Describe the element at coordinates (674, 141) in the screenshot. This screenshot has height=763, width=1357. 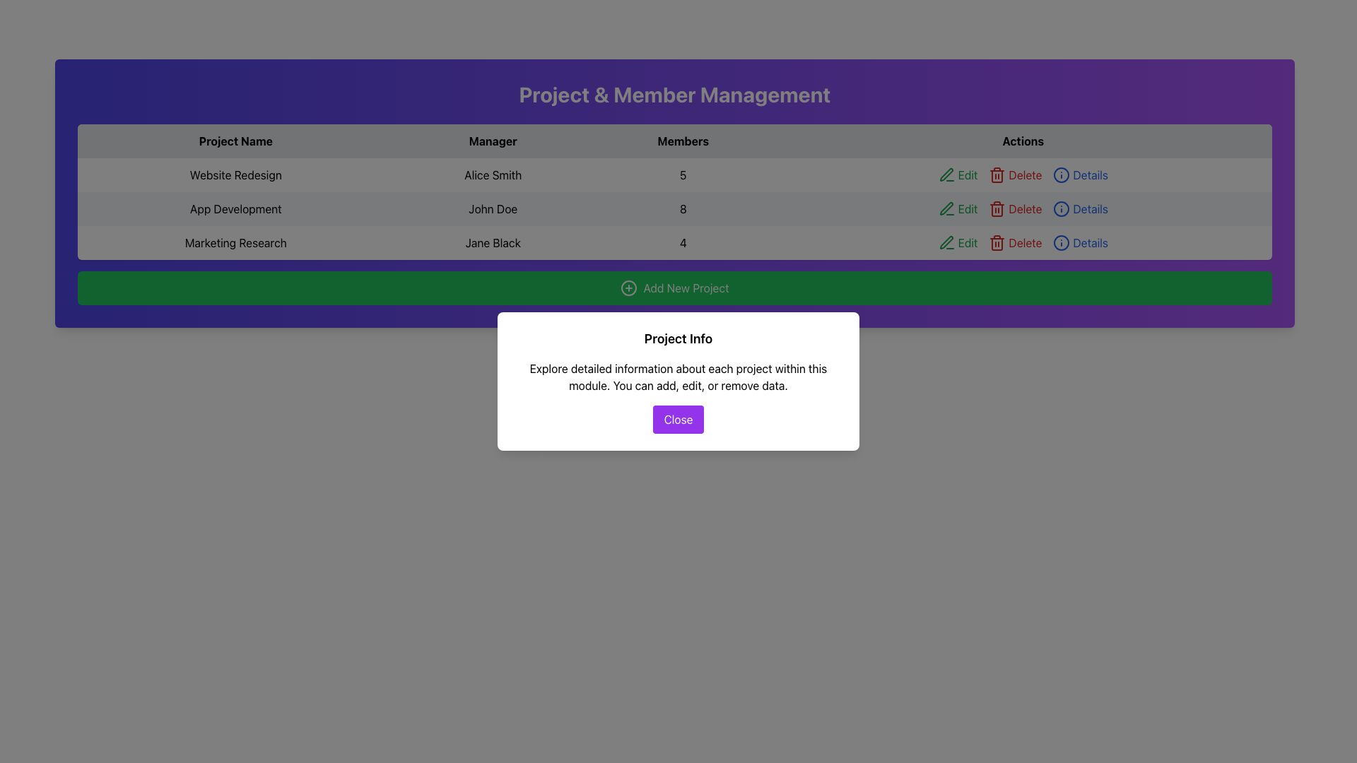
I see `the 'Members' table header cell, which is a bold, black text cell in the second row of the table, located in the third column between 'Manager' and 'Actions'` at that location.